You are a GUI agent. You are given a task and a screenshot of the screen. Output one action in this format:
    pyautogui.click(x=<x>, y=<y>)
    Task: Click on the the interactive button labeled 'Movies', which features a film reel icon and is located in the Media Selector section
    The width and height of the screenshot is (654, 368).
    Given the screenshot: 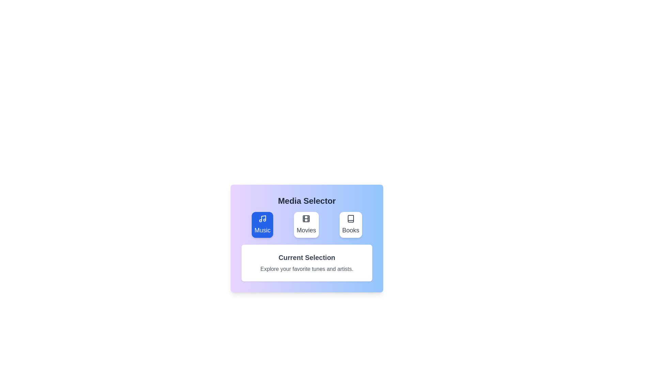 What is the action you would take?
    pyautogui.click(x=306, y=225)
    